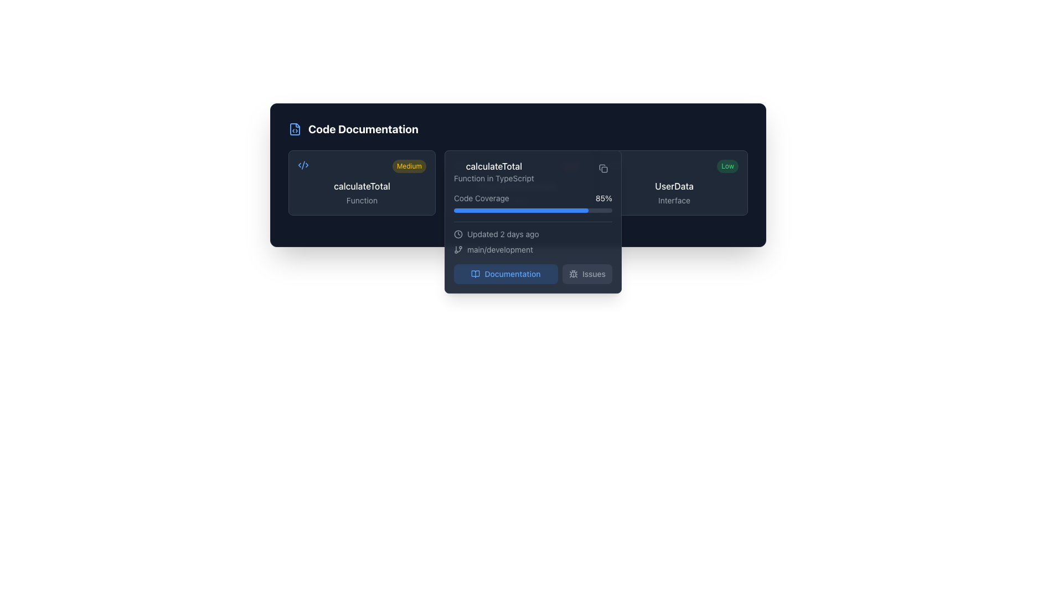 Image resolution: width=1063 pixels, height=597 pixels. Describe the element at coordinates (476, 274) in the screenshot. I see `the SVG icon styled as an open book located in the top left corner of the context panel, above the 'Code Documentation' label` at that location.